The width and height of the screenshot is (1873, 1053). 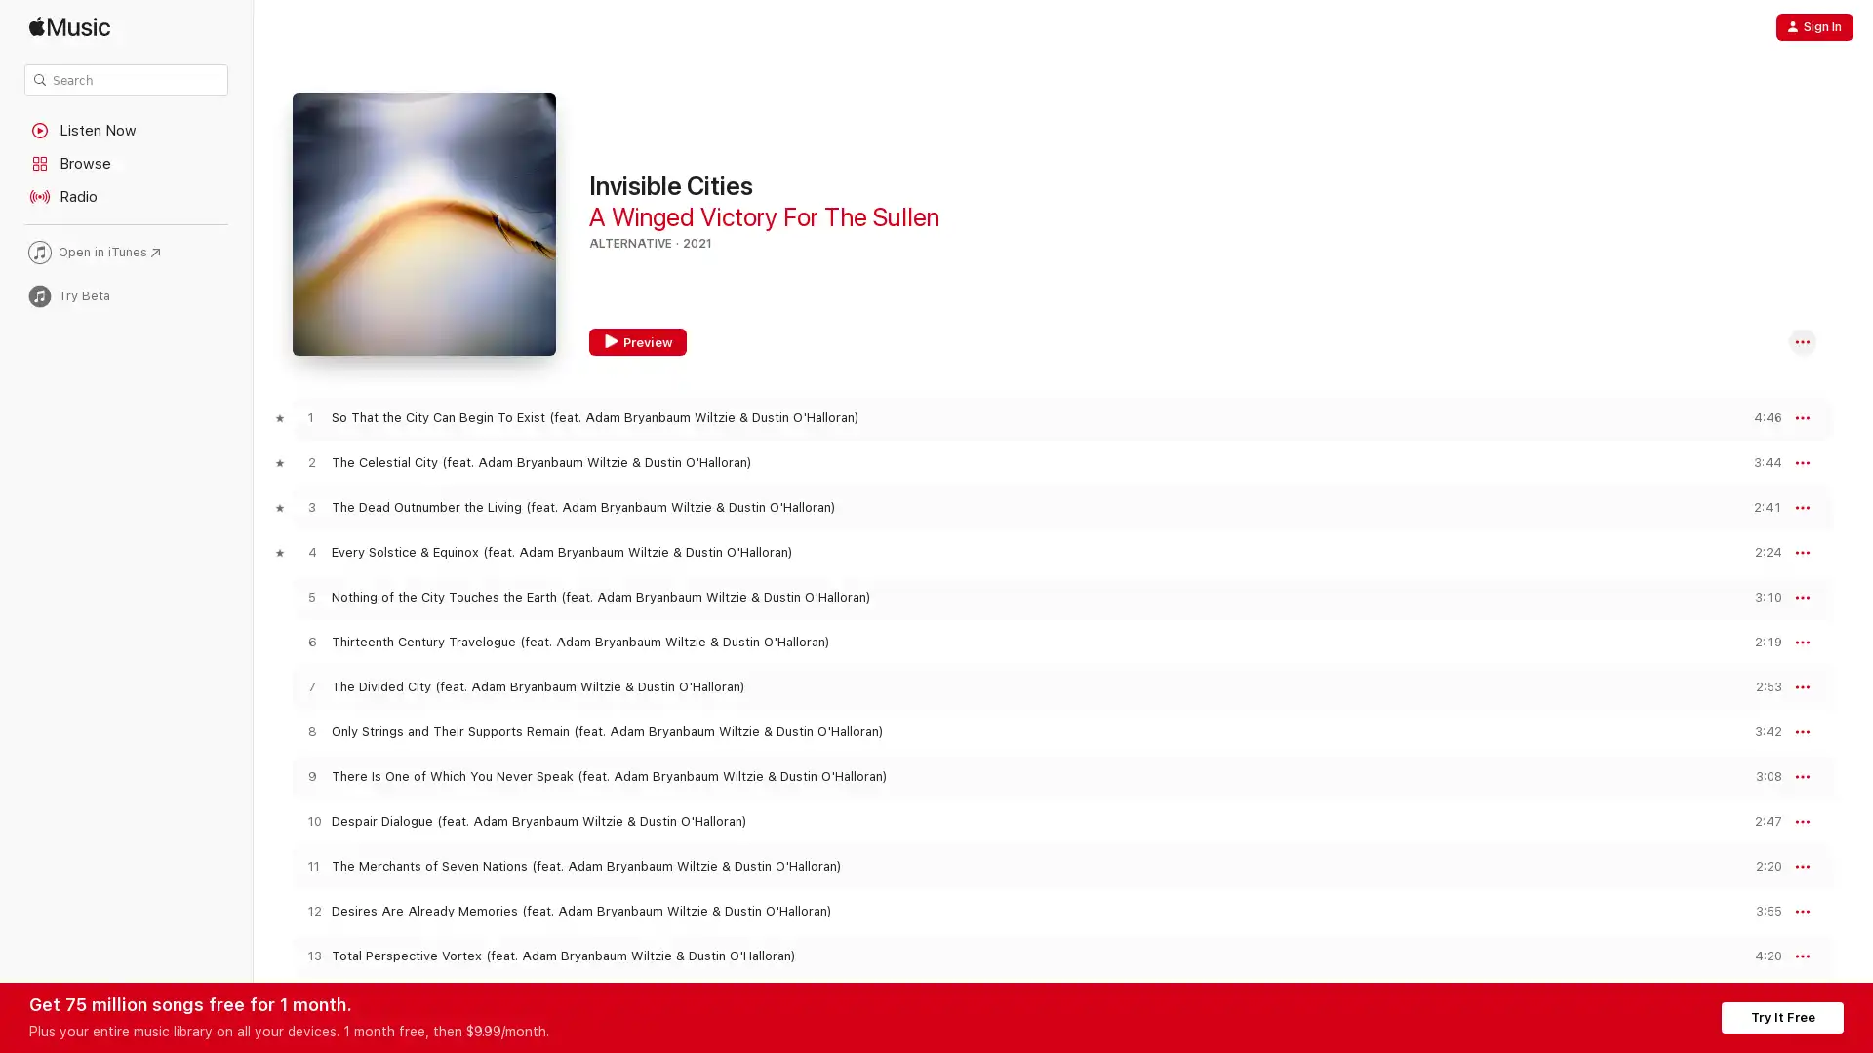 What do you see at coordinates (1760, 416) in the screenshot?
I see `Preview` at bounding box center [1760, 416].